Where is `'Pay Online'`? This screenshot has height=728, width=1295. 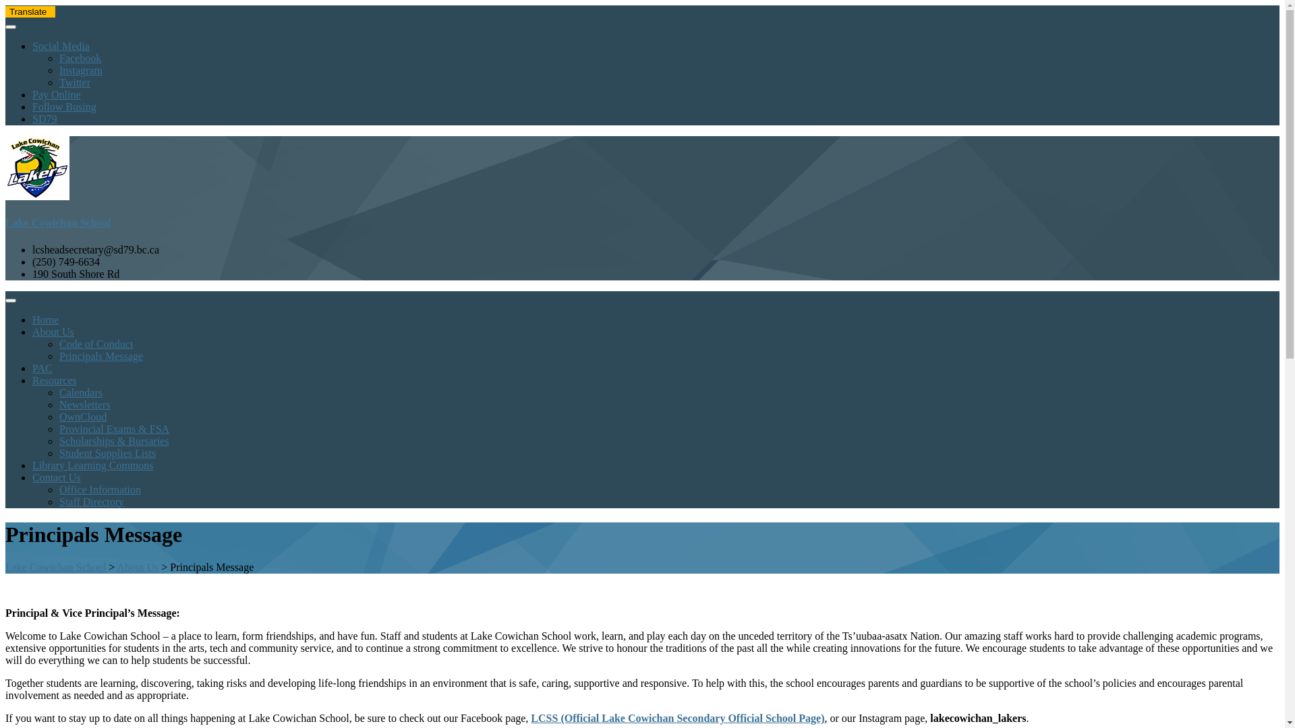 'Pay Online' is located at coordinates (55, 94).